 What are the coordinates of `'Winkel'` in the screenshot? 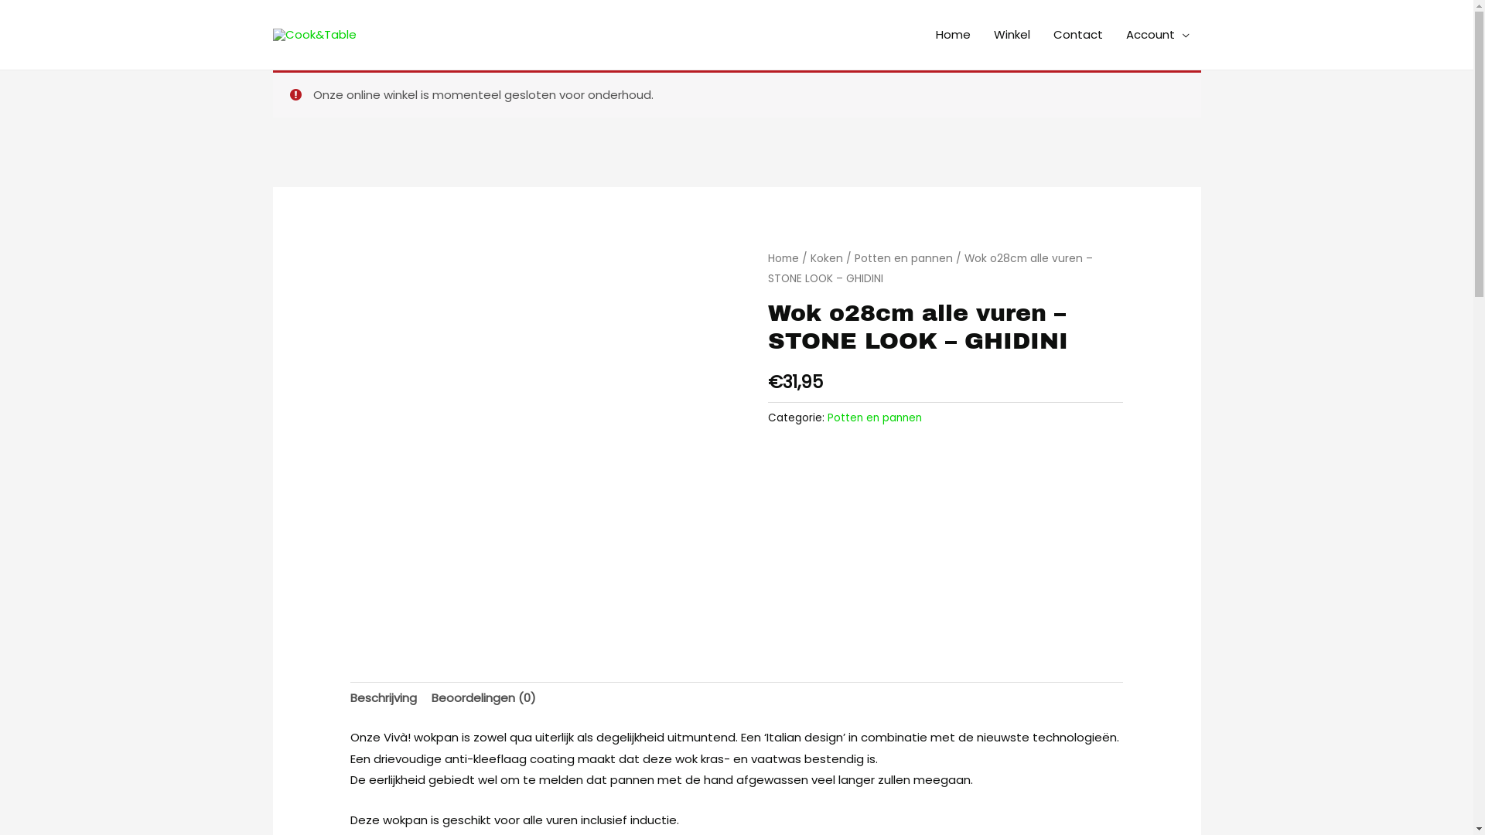 It's located at (981, 35).